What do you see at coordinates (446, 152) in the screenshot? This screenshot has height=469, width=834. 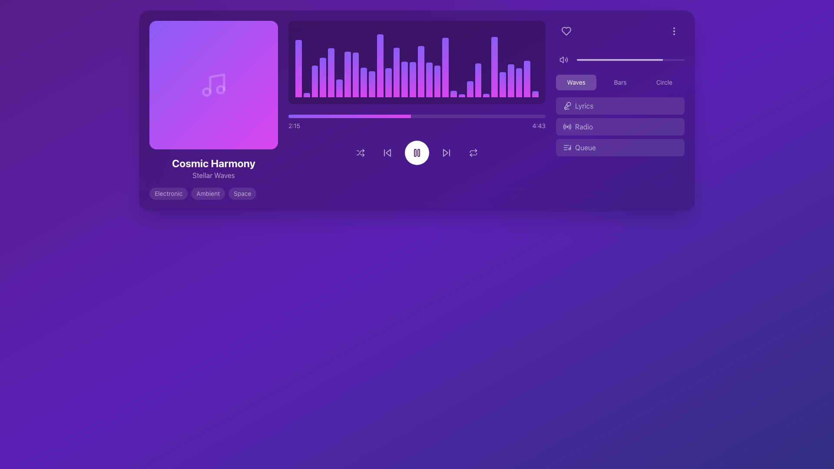 I see `the skip-forward button which is a triangular play symbol pointing right, located below the audio visualization bar and to the right of the central play/pause button` at bounding box center [446, 152].